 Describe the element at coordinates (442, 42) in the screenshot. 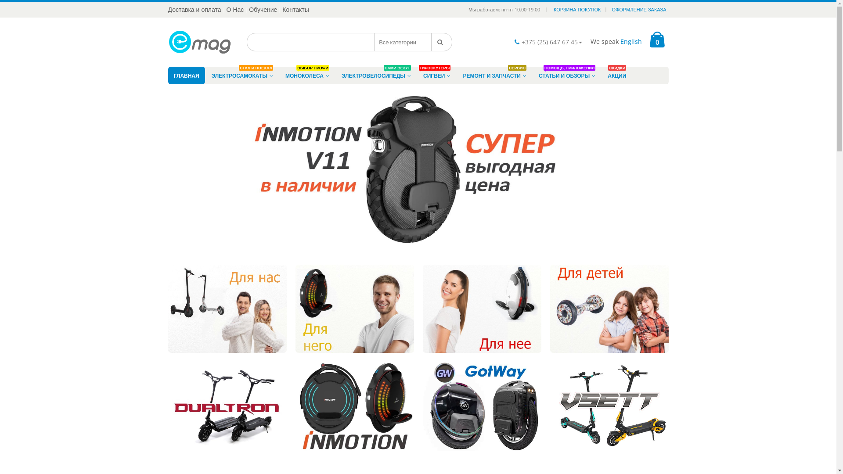

I see `'Search'` at that location.